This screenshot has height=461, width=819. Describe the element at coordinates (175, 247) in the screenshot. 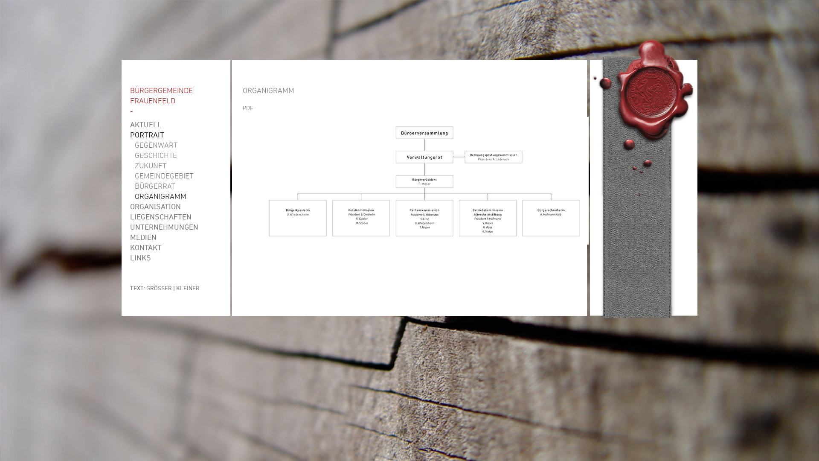

I see `'KONTAKT'` at that location.